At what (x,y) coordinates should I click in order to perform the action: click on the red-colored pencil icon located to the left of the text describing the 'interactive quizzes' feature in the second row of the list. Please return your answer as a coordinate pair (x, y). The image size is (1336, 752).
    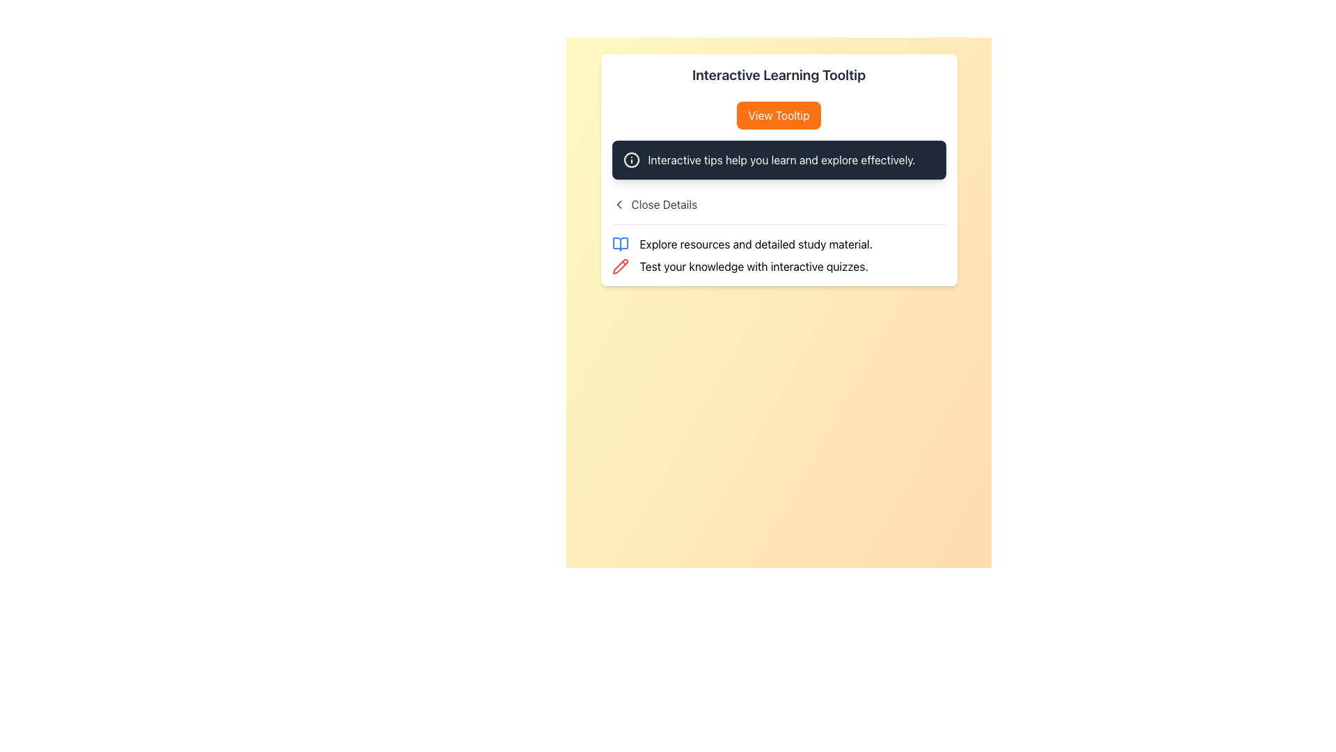
    Looking at the image, I should click on (619, 266).